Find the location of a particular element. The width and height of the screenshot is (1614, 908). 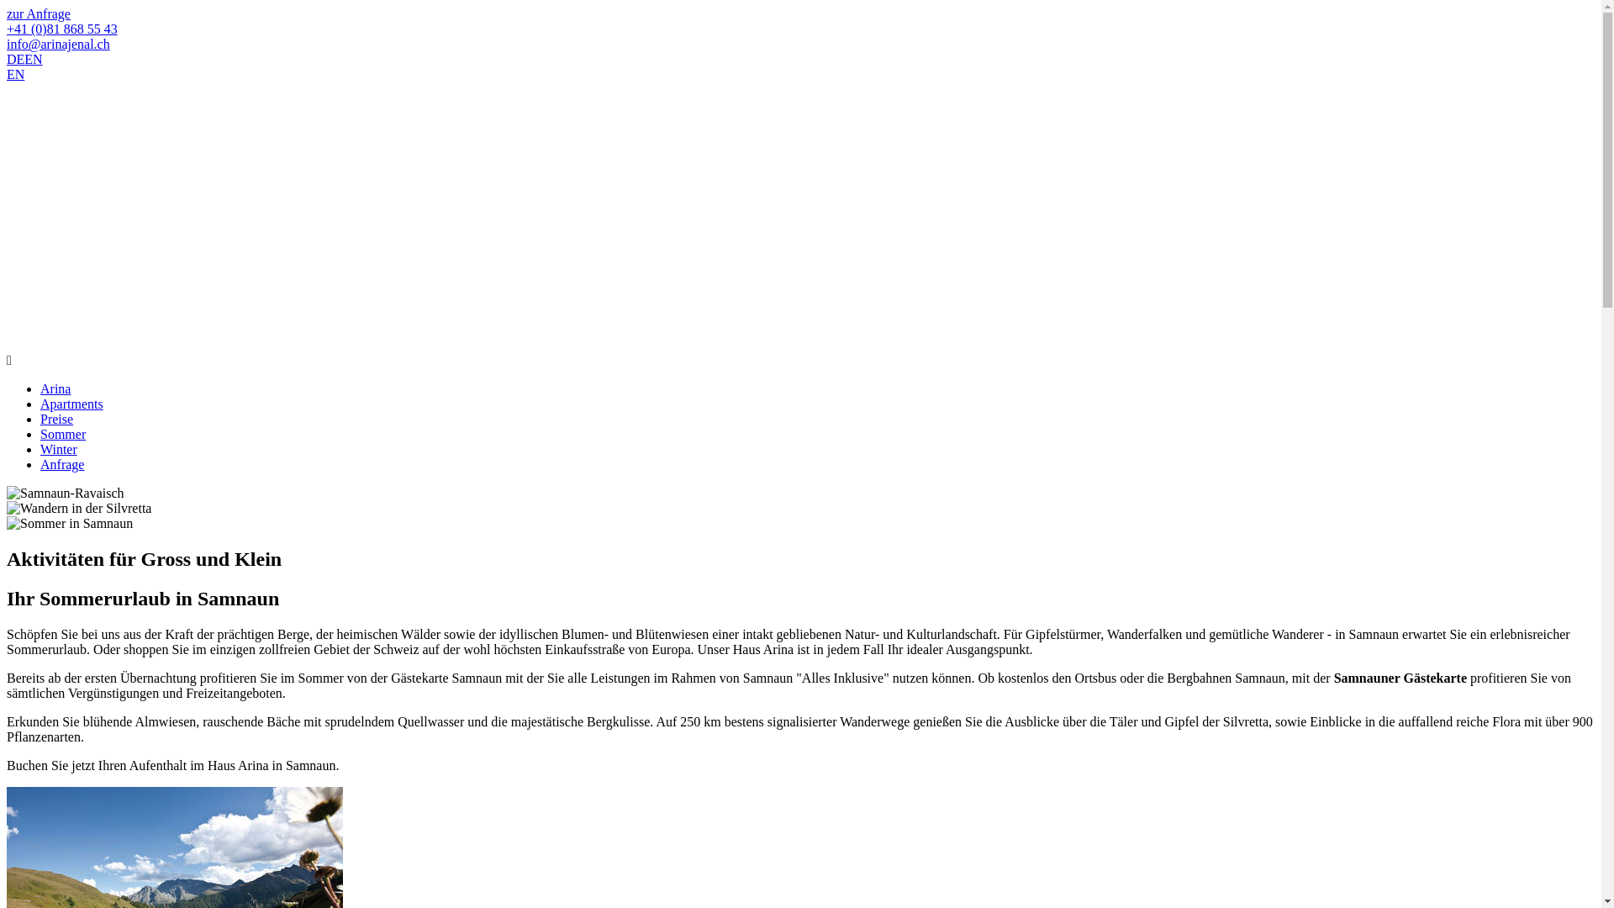

'Sommer' is located at coordinates (63, 433).